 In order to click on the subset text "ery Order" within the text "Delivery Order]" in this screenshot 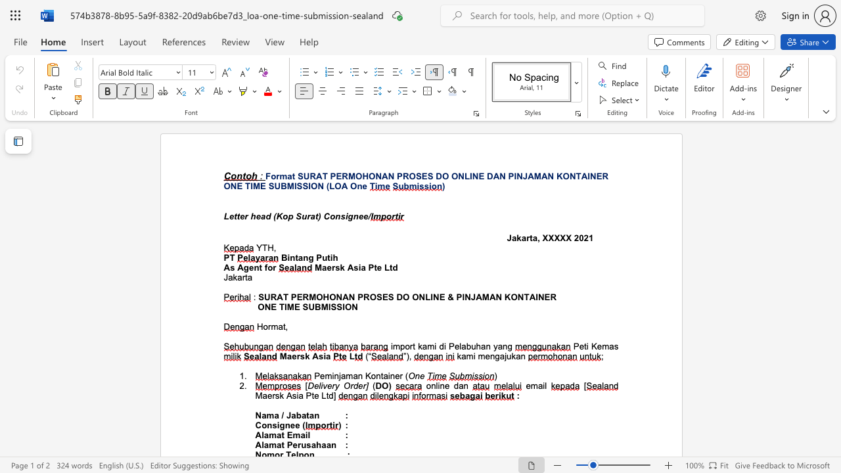, I will do `click(327, 385)`.